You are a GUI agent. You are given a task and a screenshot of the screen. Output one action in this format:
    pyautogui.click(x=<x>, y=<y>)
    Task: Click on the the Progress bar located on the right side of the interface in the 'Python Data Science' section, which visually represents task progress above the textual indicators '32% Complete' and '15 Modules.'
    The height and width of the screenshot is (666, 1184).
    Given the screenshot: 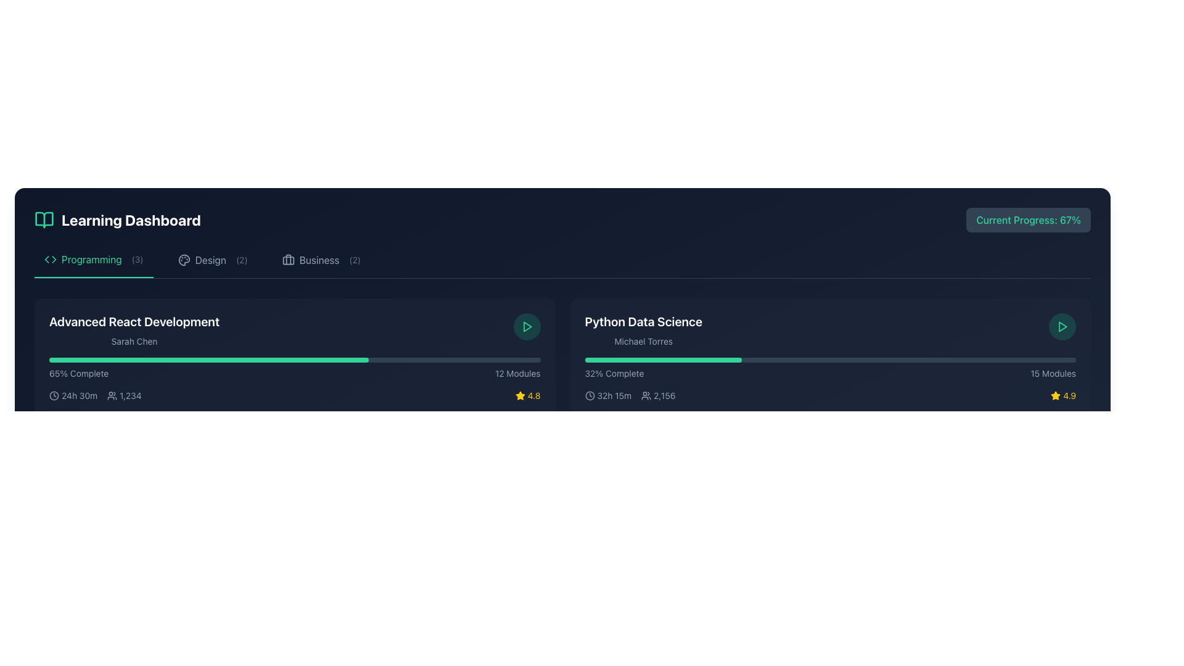 What is the action you would take?
    pyautogui.click(x=830, y=360)
    